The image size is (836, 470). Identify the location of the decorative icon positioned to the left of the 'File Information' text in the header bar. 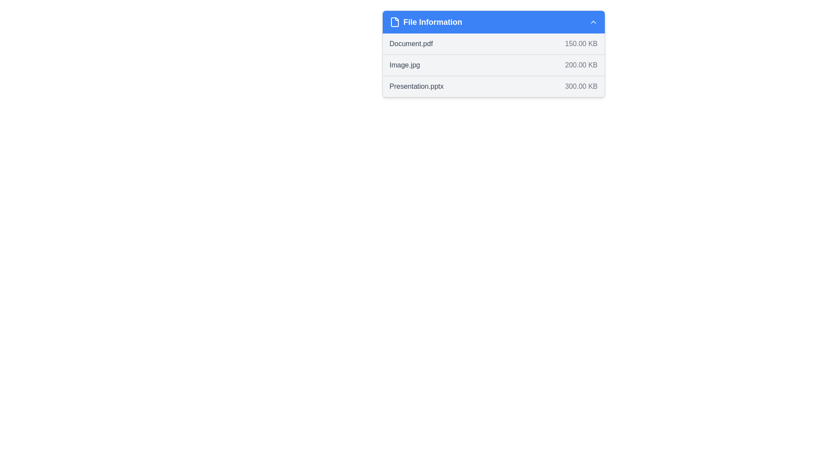
(394, 21).